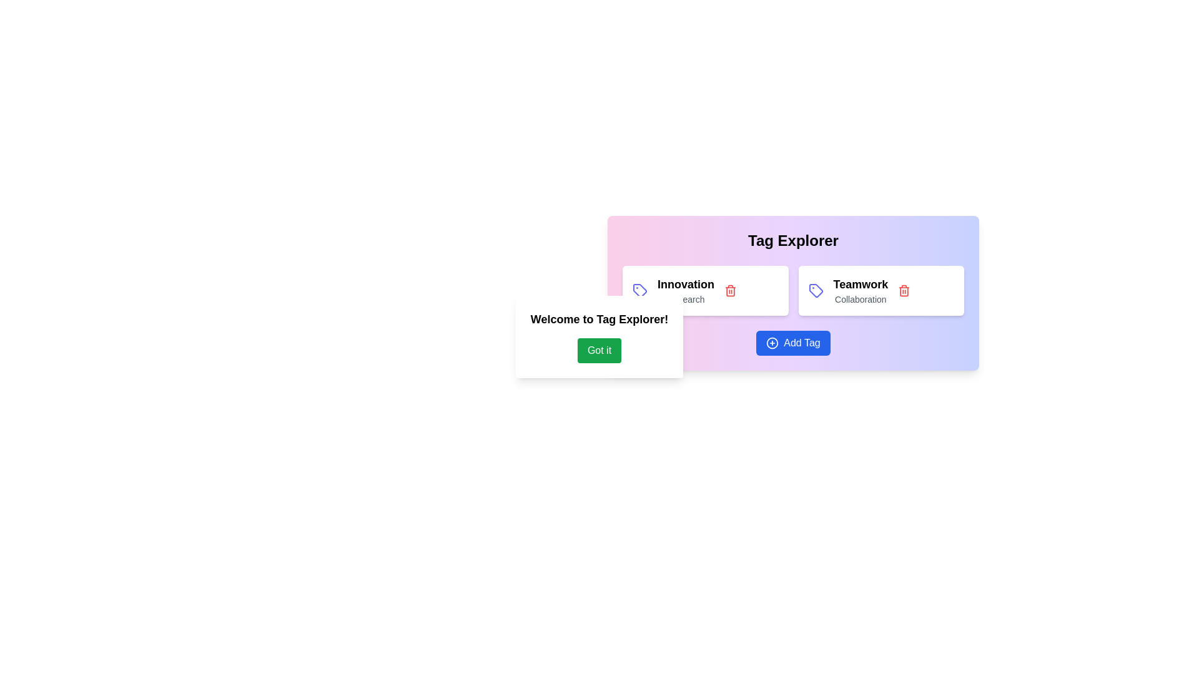  I want to click on the circular blue-bordered icon with a plus sign located, so click(772, 343).